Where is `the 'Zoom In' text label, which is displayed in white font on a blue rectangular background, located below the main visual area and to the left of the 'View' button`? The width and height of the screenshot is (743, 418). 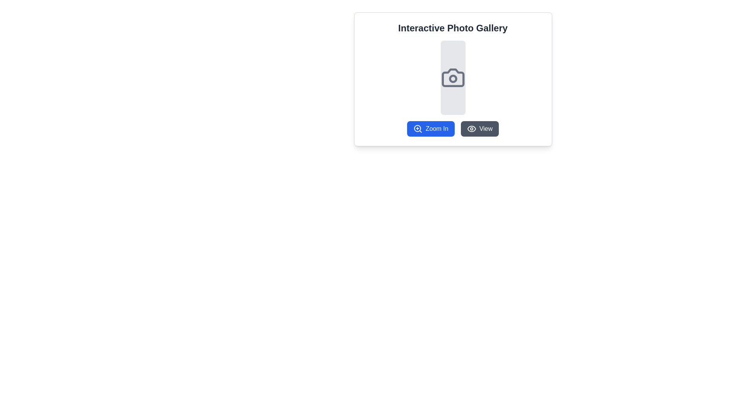
the 'Zoom In' text label, which is displayed in white font on a blue rectangular background, located below the main visual area and to the left of the 'View' button is located at coordinates (437, 128).